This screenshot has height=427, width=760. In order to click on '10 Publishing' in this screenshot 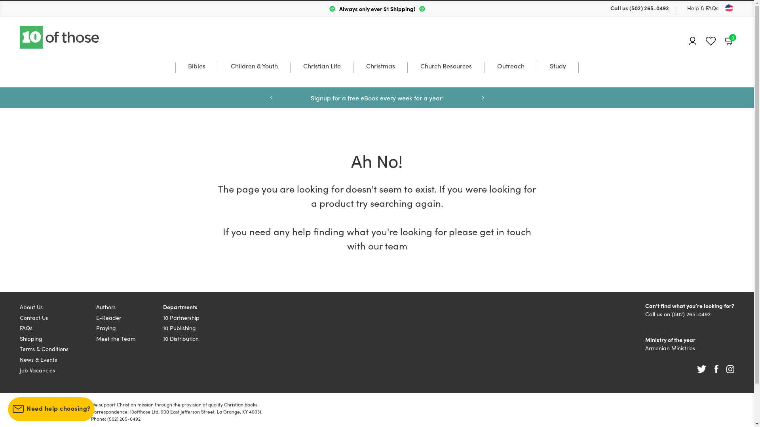, I will do `click(179, 328)`.